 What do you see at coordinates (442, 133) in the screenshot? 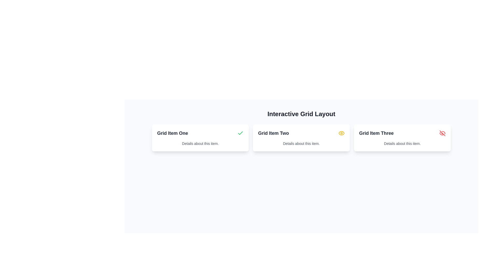
I see `the status represented by the red 'eye-off' icon with a line crossing through it, located at the top-right corner of 'Grid Item Three'` at bounding box center [442, 133].